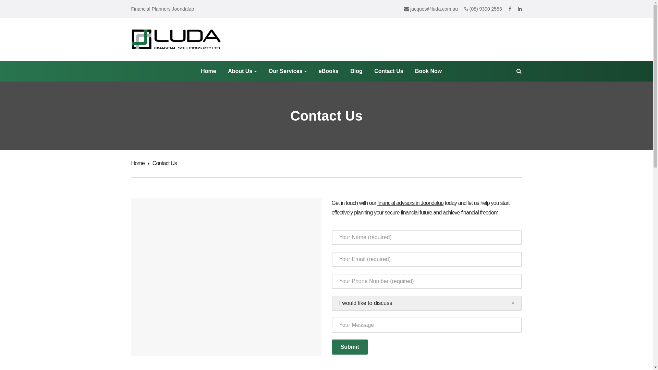 The width and height of the screenshot is (658, 370). I want to click on 'Contact Us', so click(374, 71).